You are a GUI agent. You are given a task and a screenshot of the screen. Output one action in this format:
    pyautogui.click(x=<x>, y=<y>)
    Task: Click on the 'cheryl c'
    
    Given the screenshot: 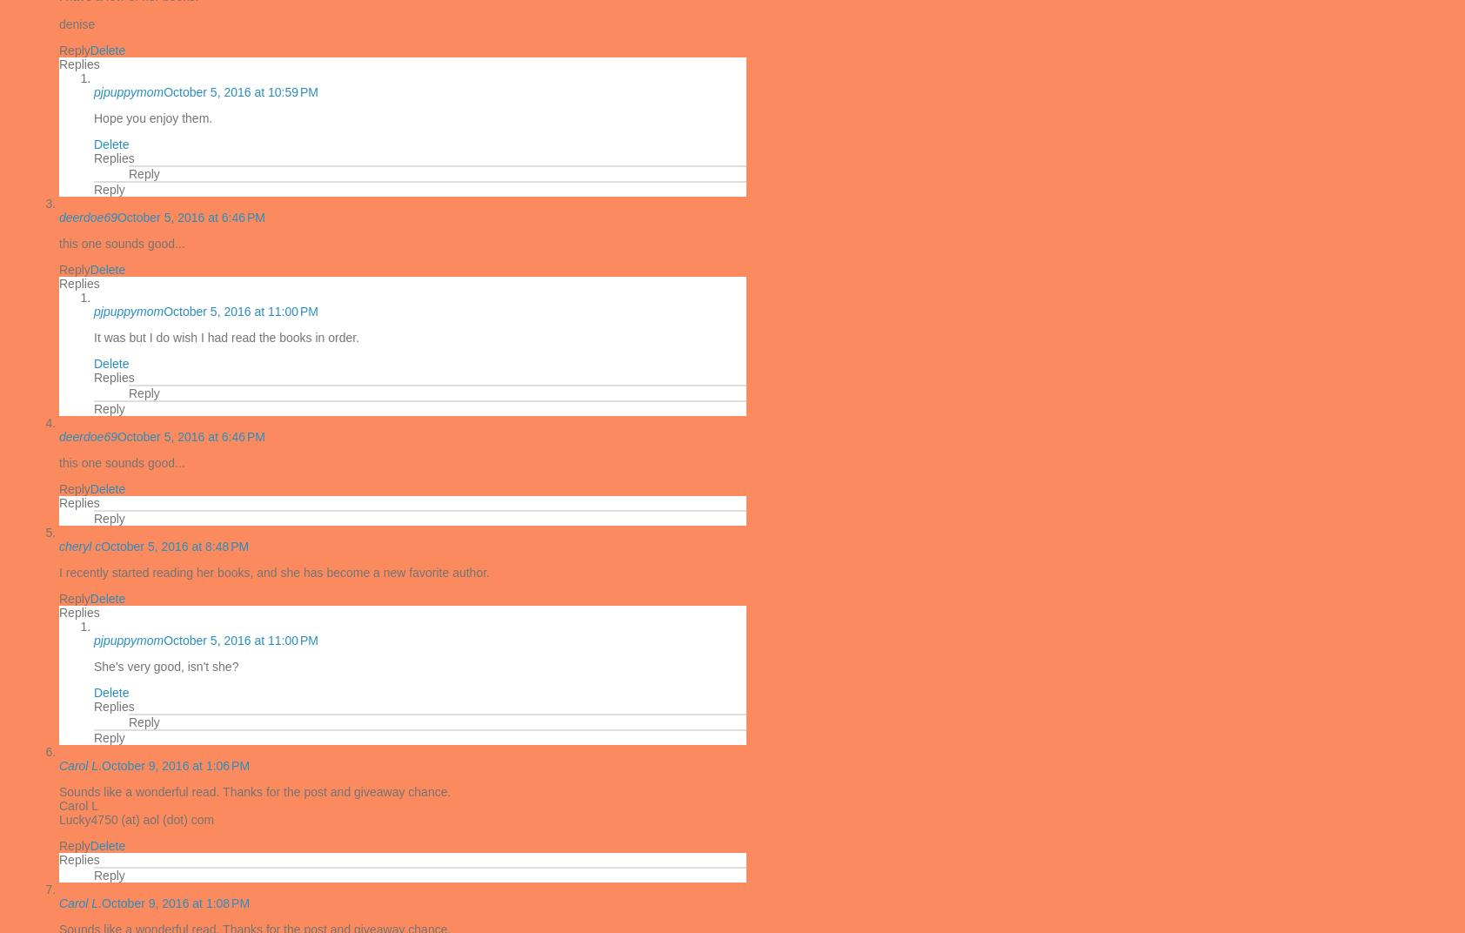 What is the action you would take?
    pyautogui.click(x=78, y=546)
    